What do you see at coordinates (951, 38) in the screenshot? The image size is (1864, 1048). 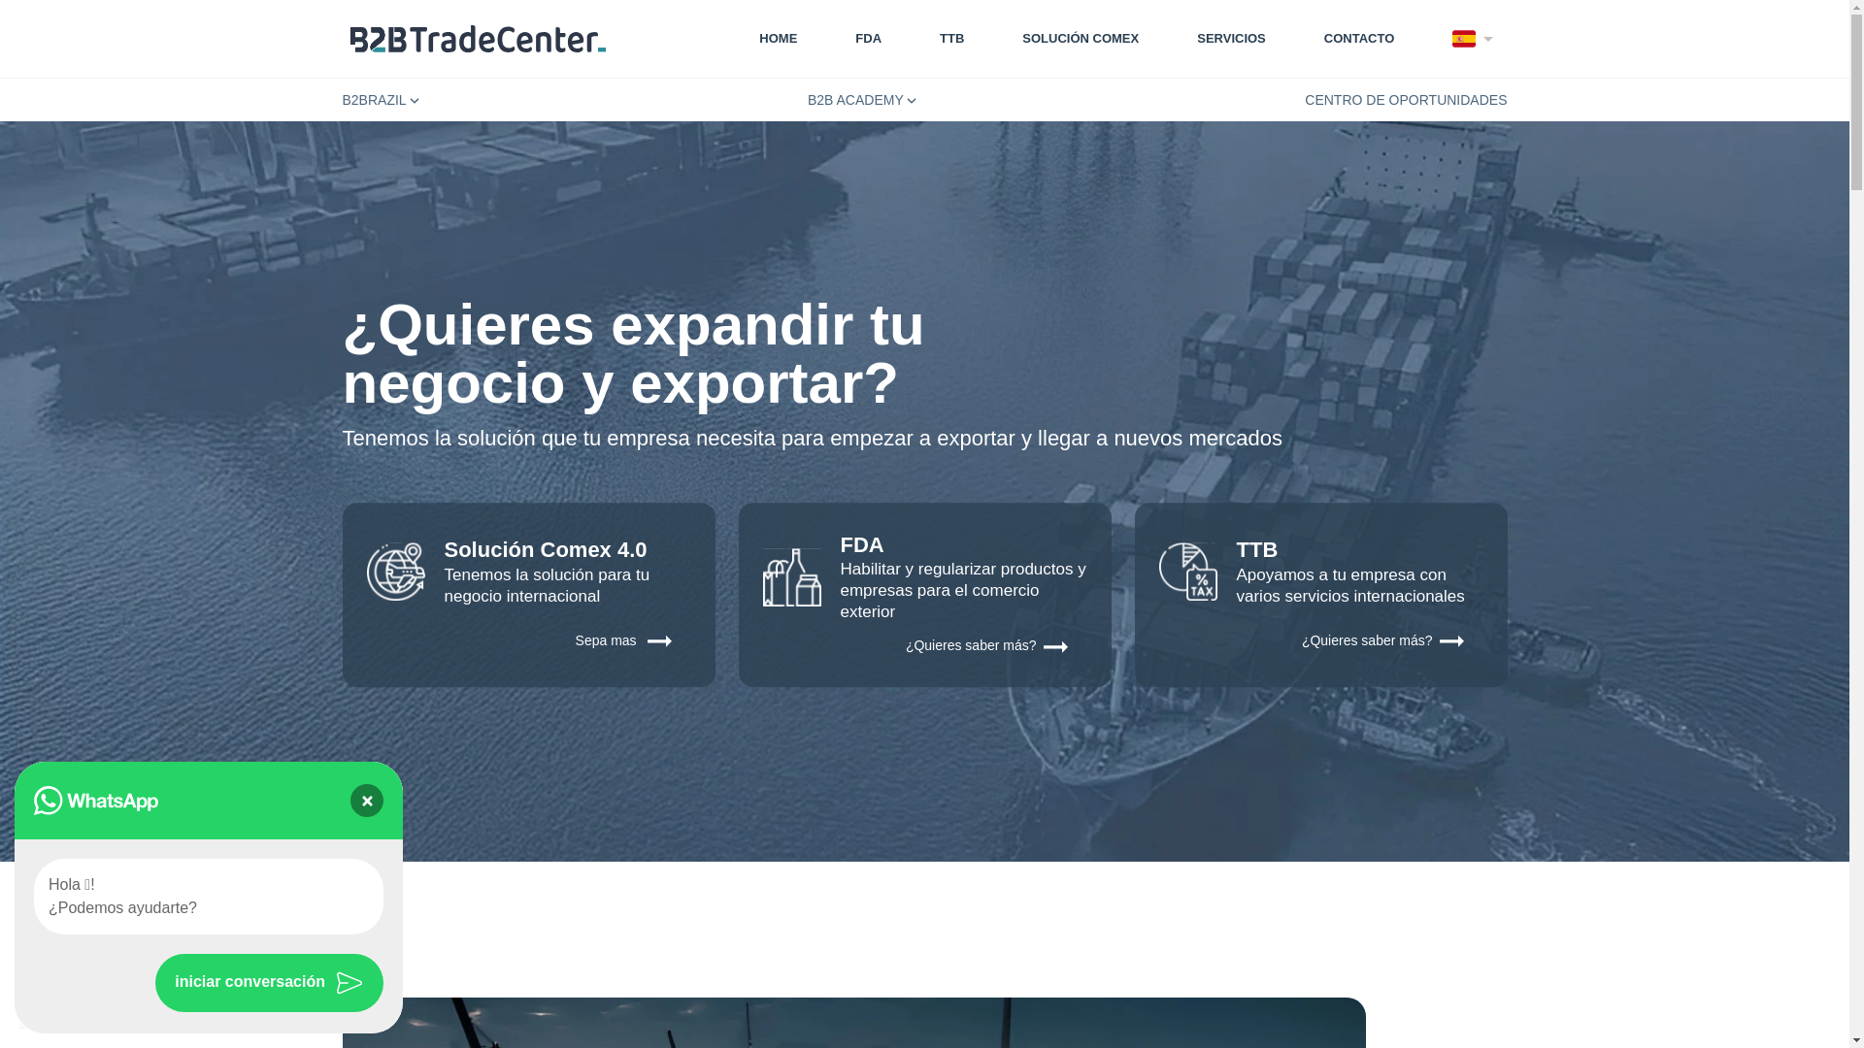 I see `'TTB'` at bounding box center [951, 38].